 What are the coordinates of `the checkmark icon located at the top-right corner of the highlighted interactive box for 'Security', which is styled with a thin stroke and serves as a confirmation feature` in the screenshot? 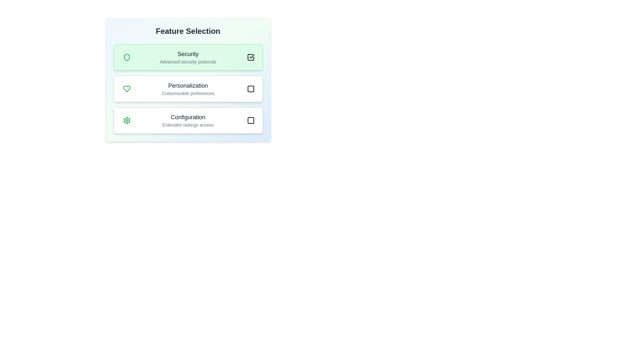 It's located at (251, 56).